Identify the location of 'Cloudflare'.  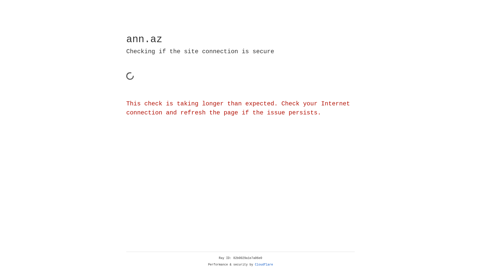
(264, 264).